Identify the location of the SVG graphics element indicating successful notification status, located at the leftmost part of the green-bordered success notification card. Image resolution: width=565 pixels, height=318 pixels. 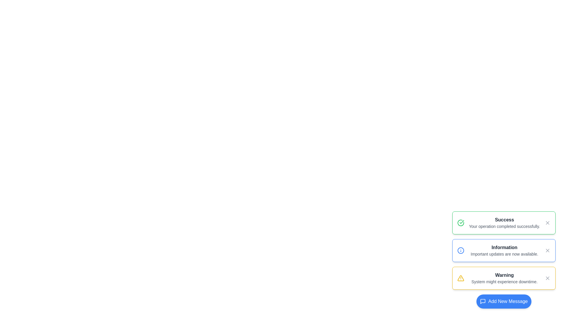
(460, 223).